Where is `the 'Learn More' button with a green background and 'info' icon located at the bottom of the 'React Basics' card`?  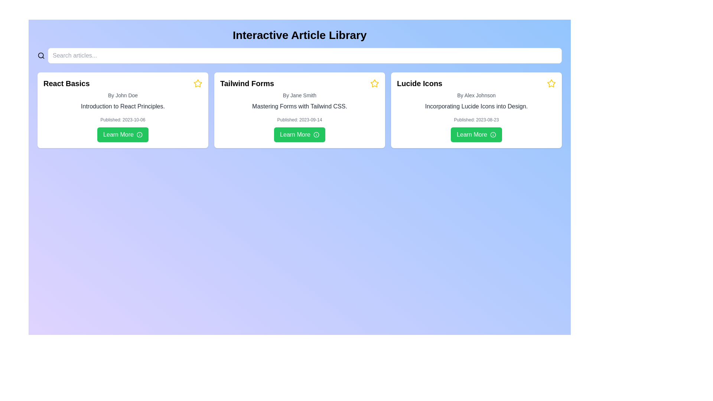 the 'Learn More' button with a green background and 'info' icon located at the bottom of the 'React Basics' card is located at coordinates (123, 134).